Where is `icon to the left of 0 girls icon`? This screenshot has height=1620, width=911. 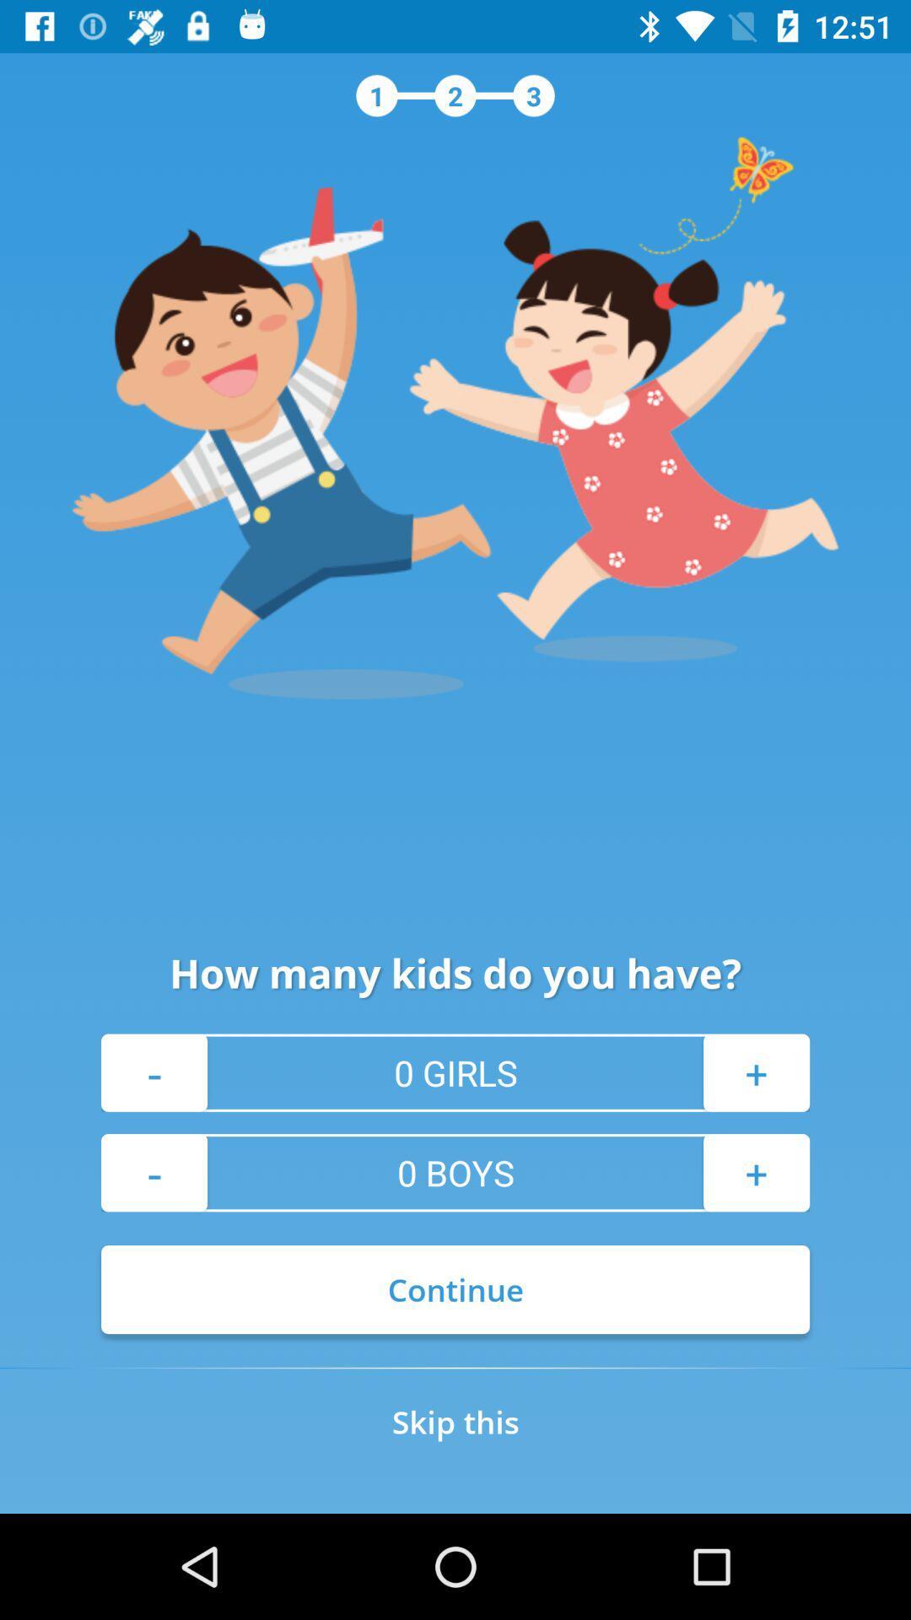 icon to the left of 0 girls icon is located at coordinates (154, 1072).